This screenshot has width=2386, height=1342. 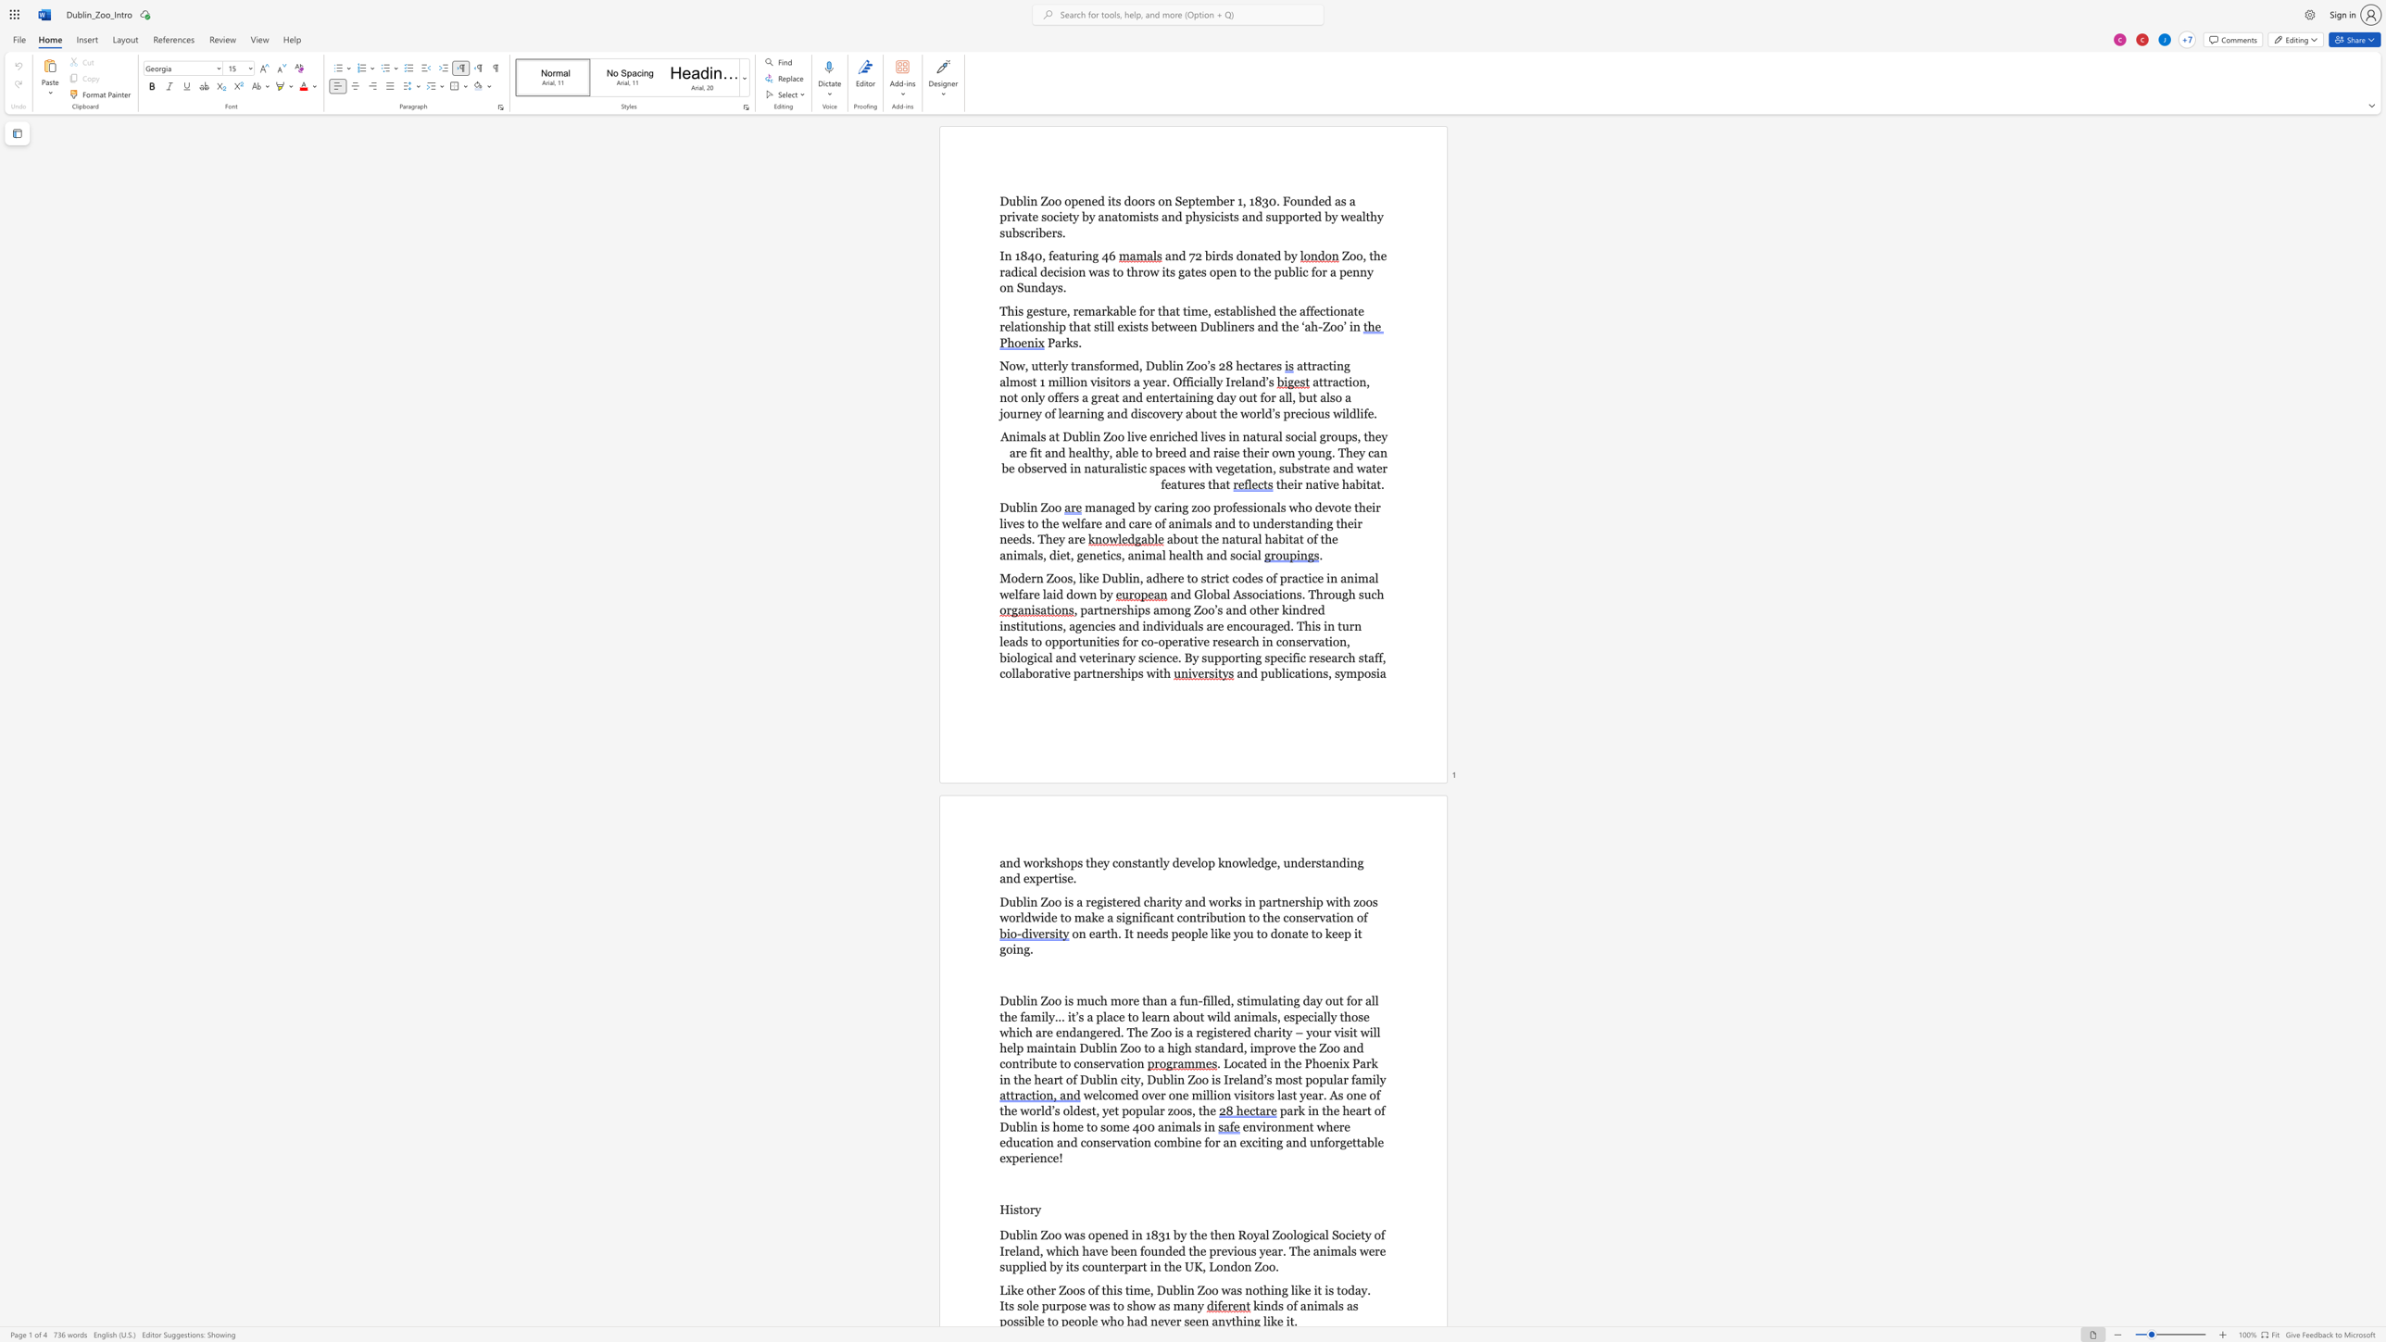 I want to click on the space between the continuous character "i" and "v" in the text, so click(x=1326, y=483).